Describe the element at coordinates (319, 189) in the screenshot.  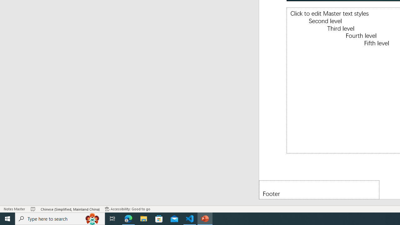
I see `'Footer'` at that location.